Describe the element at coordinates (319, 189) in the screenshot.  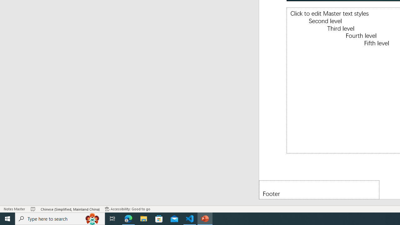
I see `'Footer'` at that location.